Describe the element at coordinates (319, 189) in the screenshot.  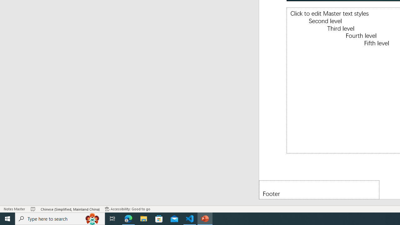
I see `'Footer'` at that location.